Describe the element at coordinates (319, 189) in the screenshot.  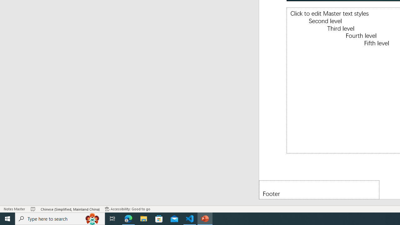
I see `'Footer'` at that location.